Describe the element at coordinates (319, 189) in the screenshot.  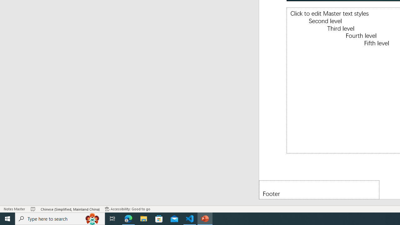
I see `'Footer'` at that location.